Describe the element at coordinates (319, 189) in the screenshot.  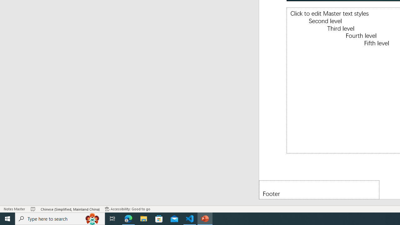
I see `'Footer'` at that location.